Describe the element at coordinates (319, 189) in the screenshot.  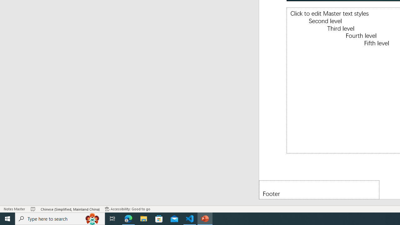
I see `'Footer'` at that location.